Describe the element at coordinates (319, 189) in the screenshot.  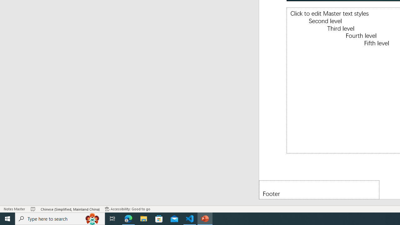
I see `'Footer'` at that location.